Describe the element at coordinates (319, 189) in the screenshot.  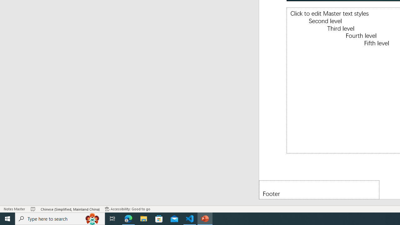
I see `'Footer'` at that location.